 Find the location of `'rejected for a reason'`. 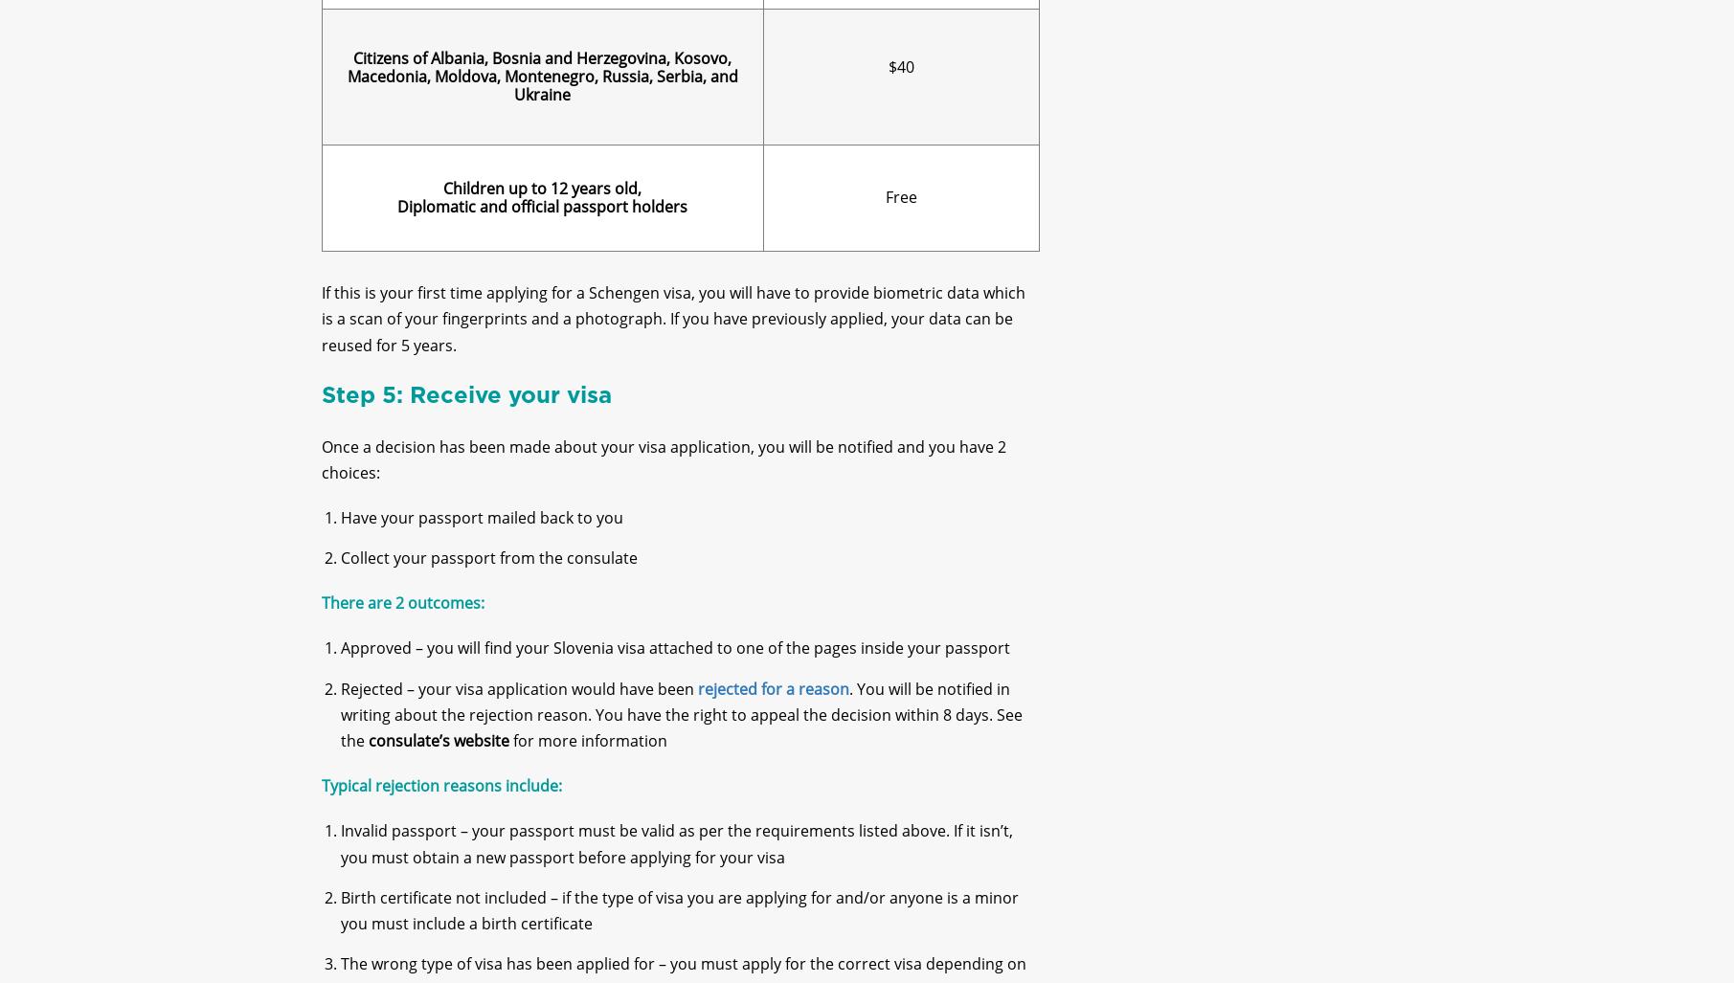

'rejected for a reason' is located at coordinates (772, 704).